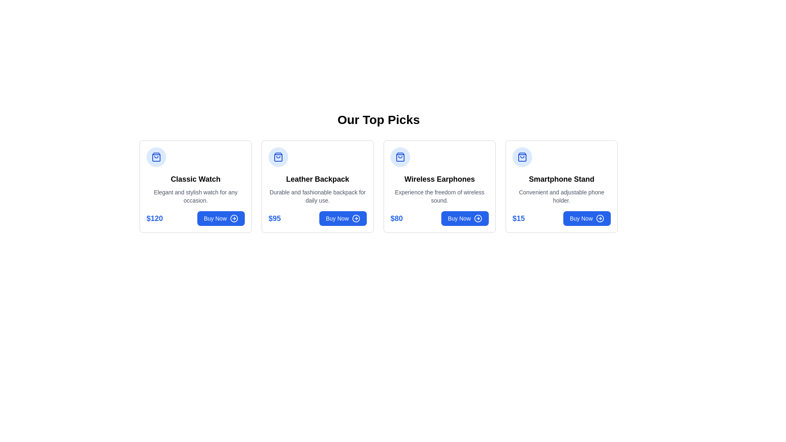 Image resolution: width=786 pixels, height=442 pixels. I want to click on the shopping bag icon with thin blue lines located within the leftmost card of the 'Our Top Picks' section, which is centered in a circular blue background, so click(278, 157).